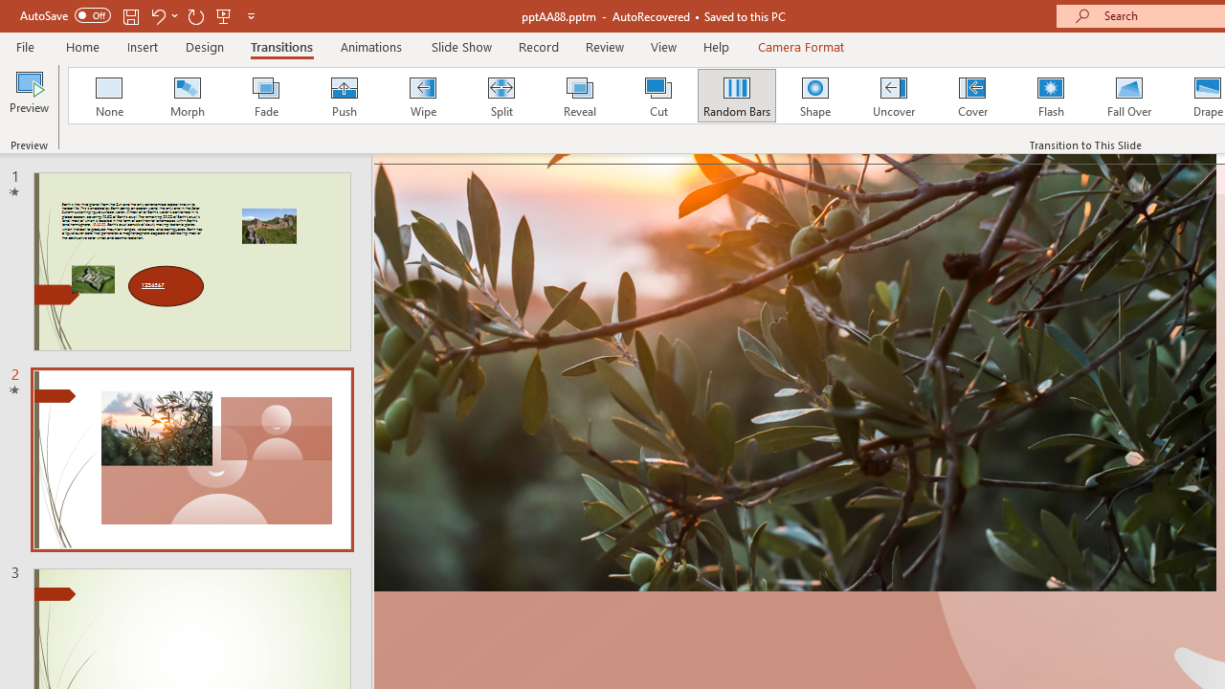  I want to click on 'Split', so click(501, 96).